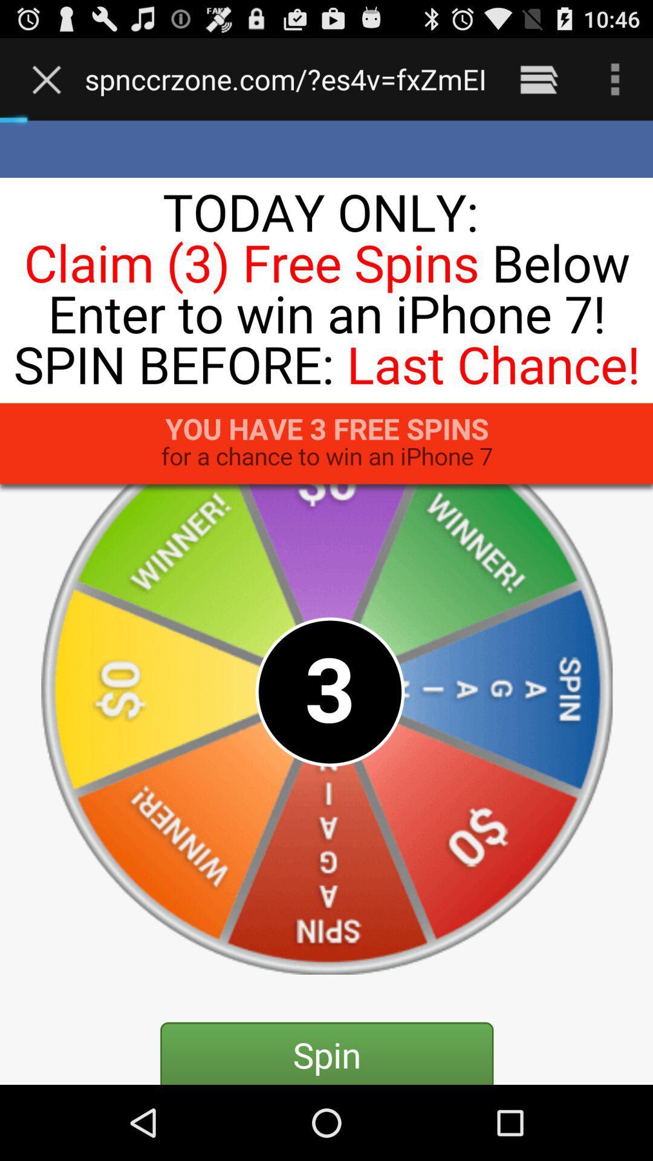  What do you see at coordinates (538, 79) in the screenshot?
I see `the icon to the right of the www electronicproductzone com icon` at bounding box center [538, 79].